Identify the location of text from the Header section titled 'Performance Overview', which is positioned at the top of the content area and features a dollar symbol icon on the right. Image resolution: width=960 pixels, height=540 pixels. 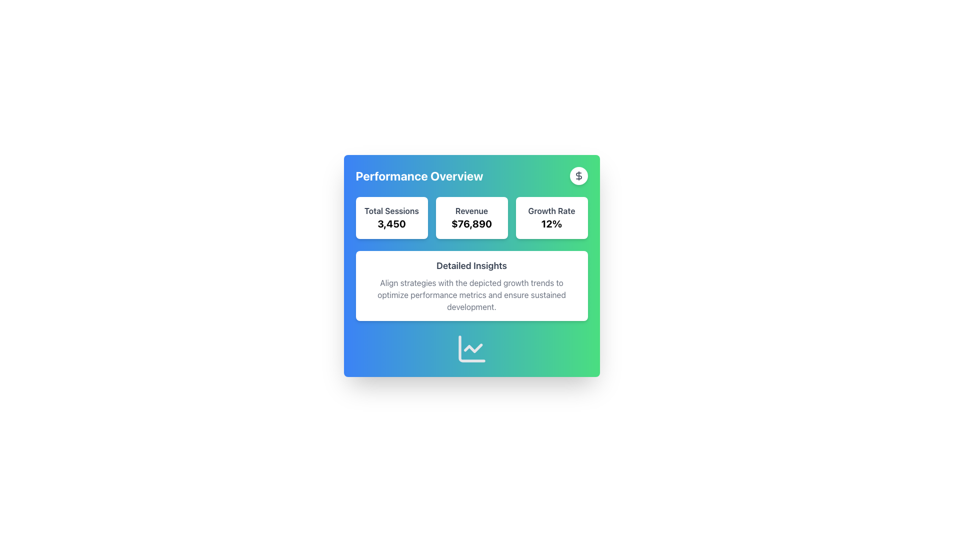
(471, 175).